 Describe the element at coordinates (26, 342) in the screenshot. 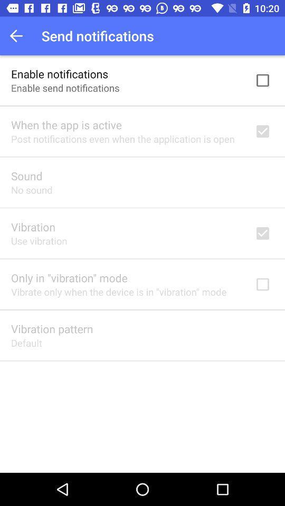

I see `the item at the bottom left corner` at that location.